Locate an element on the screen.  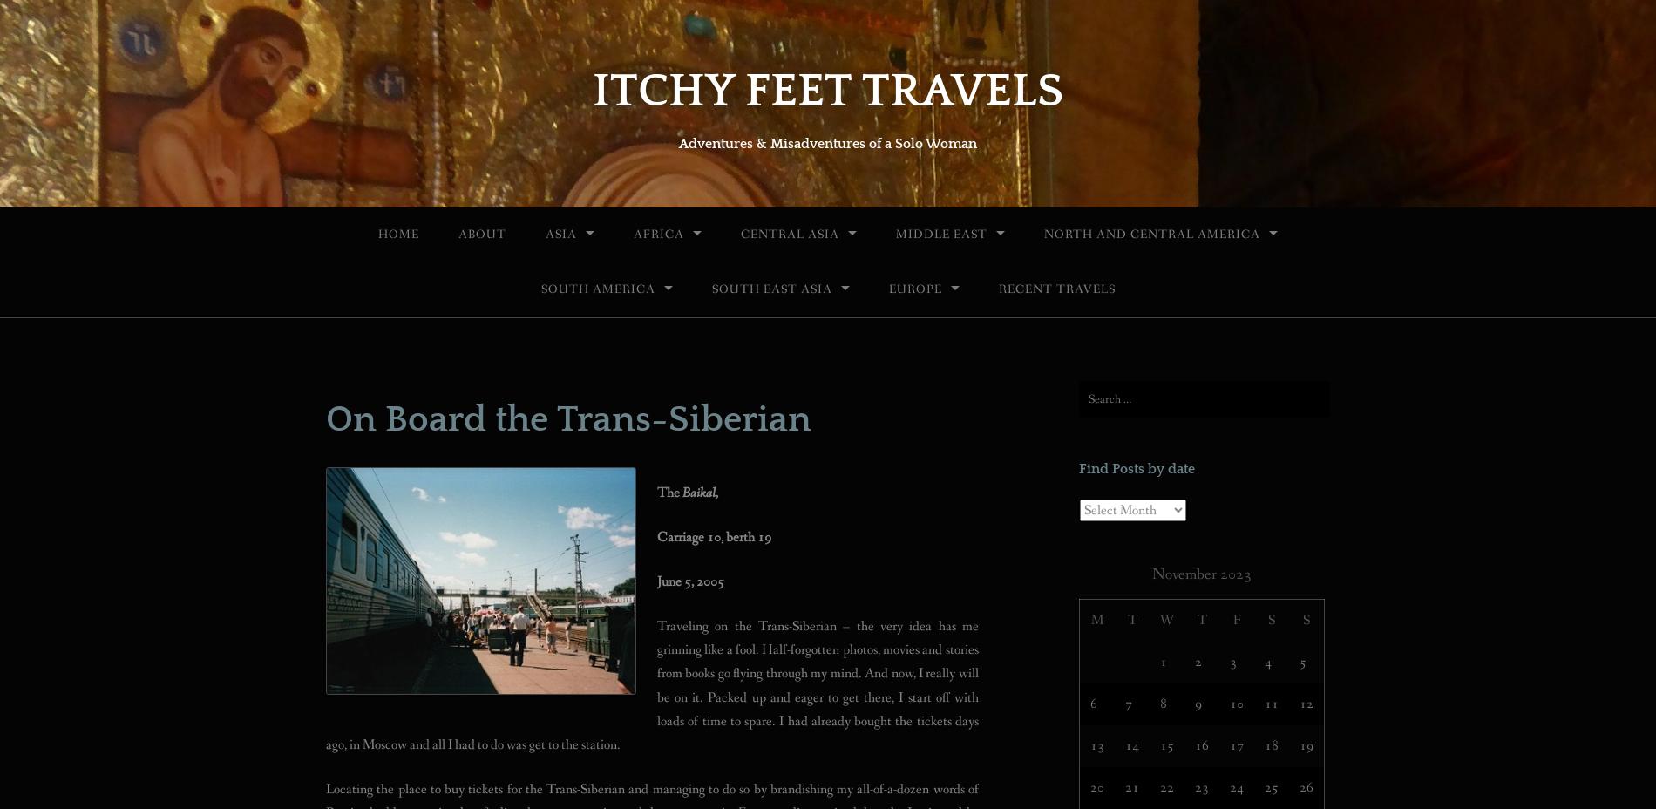
'8' is located at coordinates (1162, 702).